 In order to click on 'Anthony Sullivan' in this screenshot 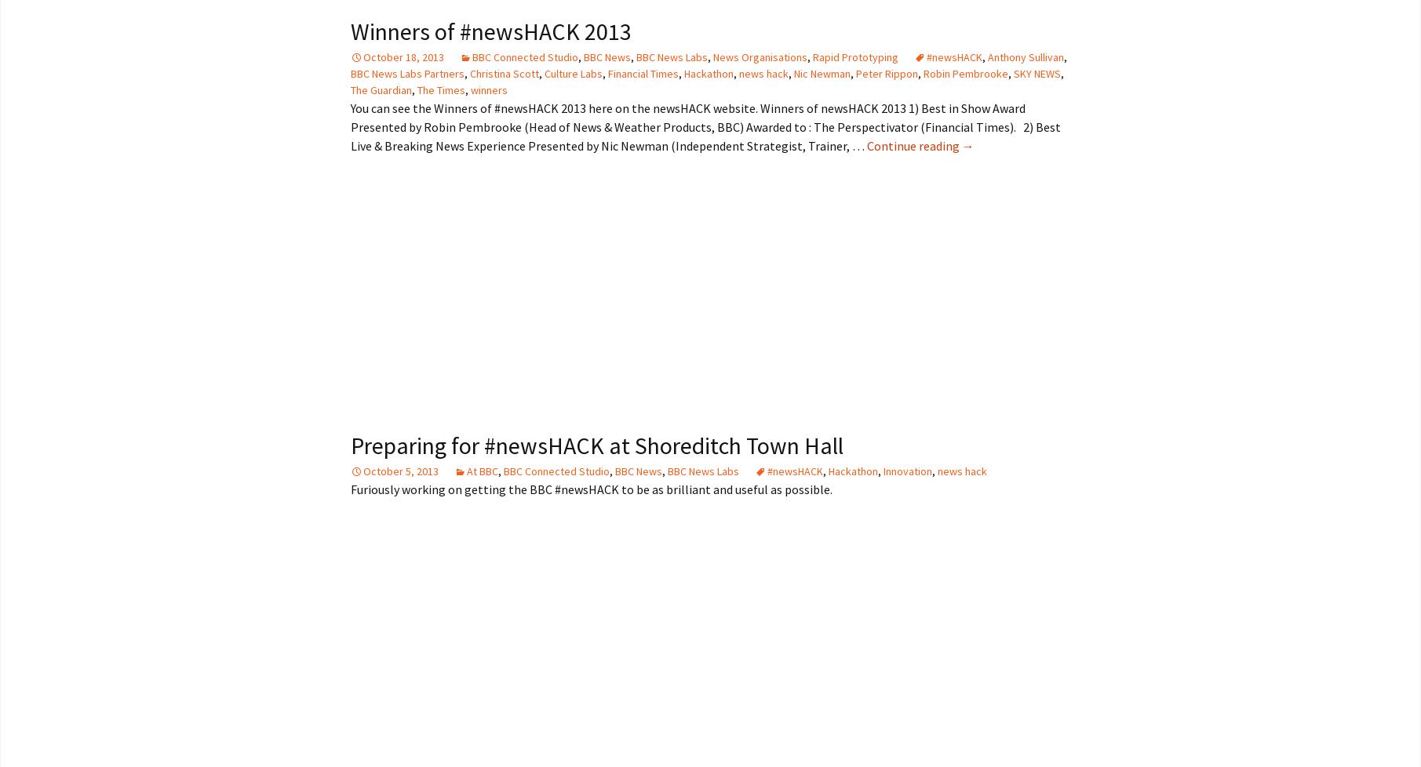, I will do `click(1025, 56)`.